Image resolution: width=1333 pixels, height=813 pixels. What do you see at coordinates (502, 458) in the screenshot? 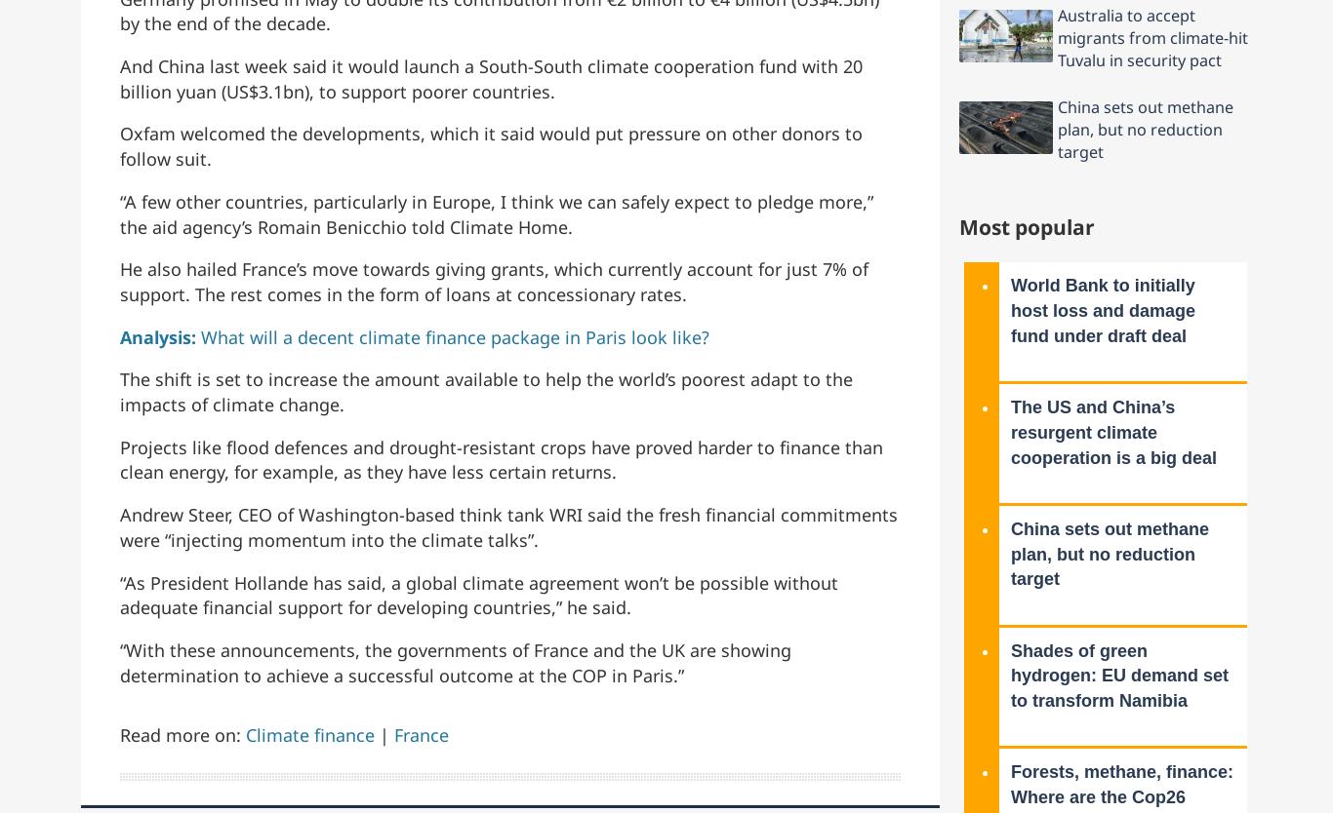
I see `'Projects like flood defences and drought-resistant crops have proved harder to finance than clean energy, for example, as they have less certain returns.'` at bounding box center [502, 458].